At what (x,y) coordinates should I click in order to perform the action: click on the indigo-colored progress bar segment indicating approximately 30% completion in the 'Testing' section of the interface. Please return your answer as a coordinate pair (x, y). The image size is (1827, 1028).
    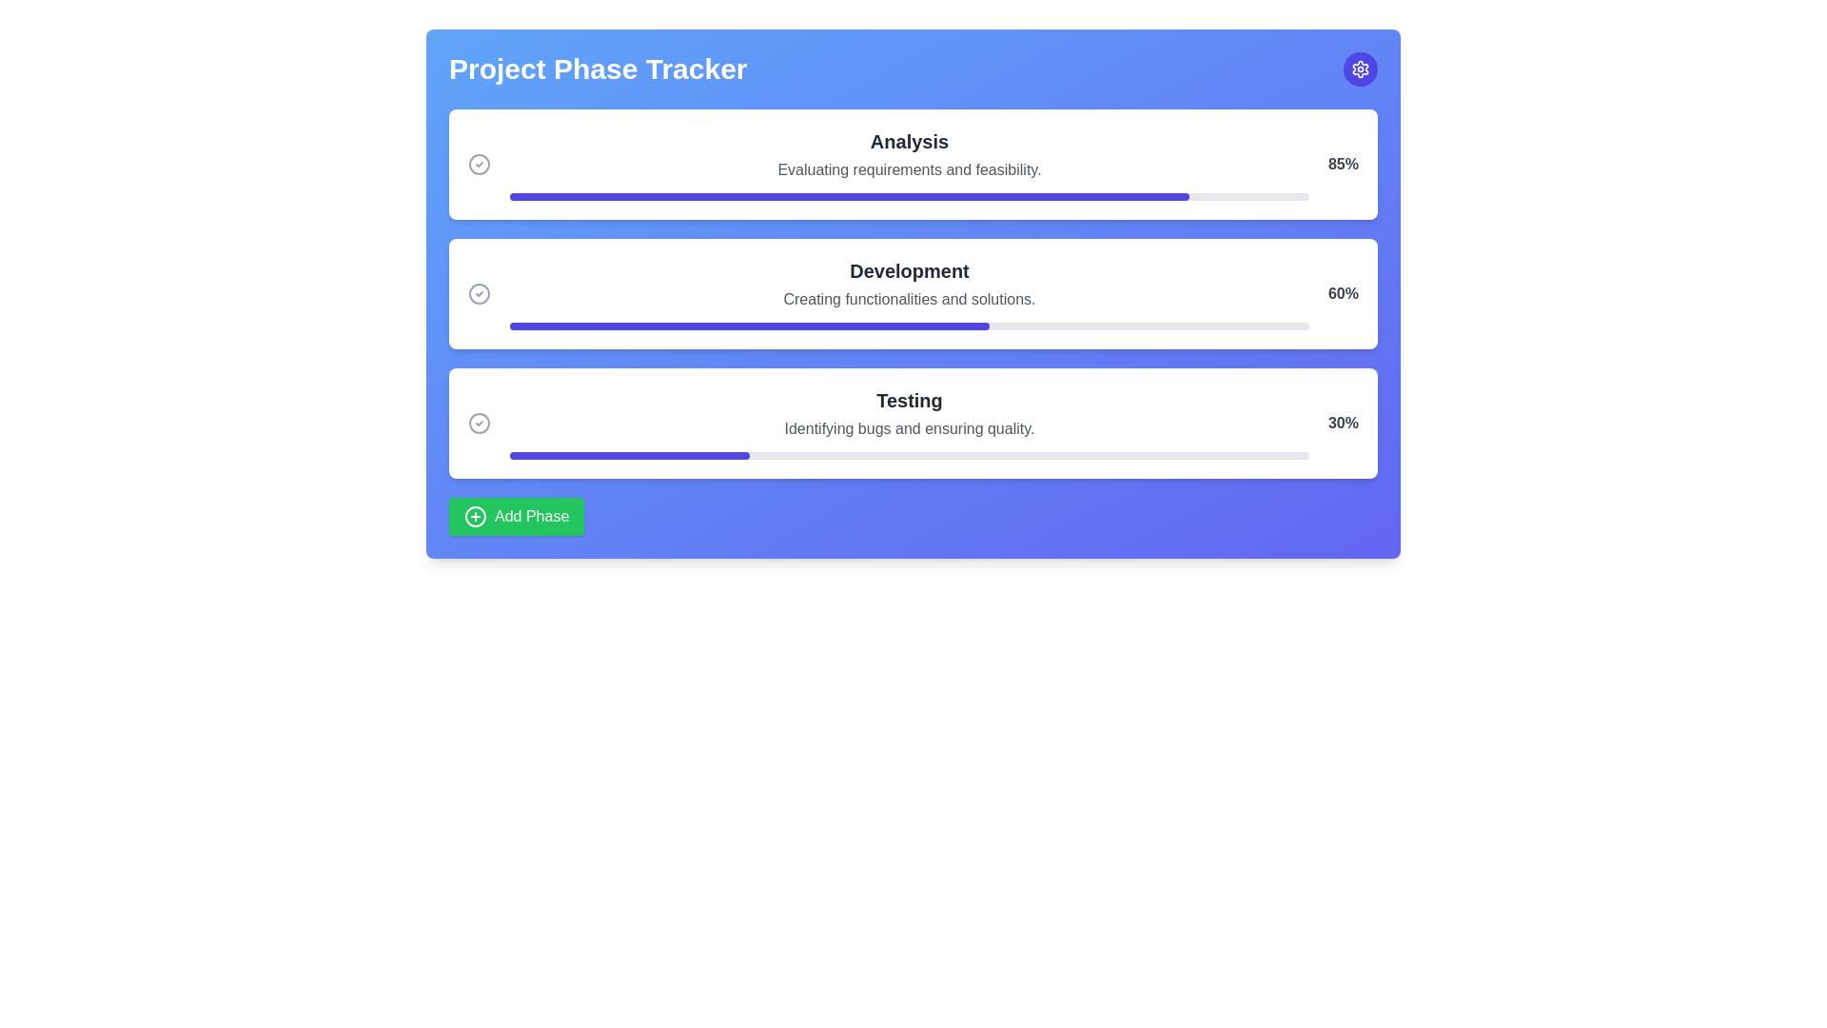
    Looking at the image, I should click on (630, 455).